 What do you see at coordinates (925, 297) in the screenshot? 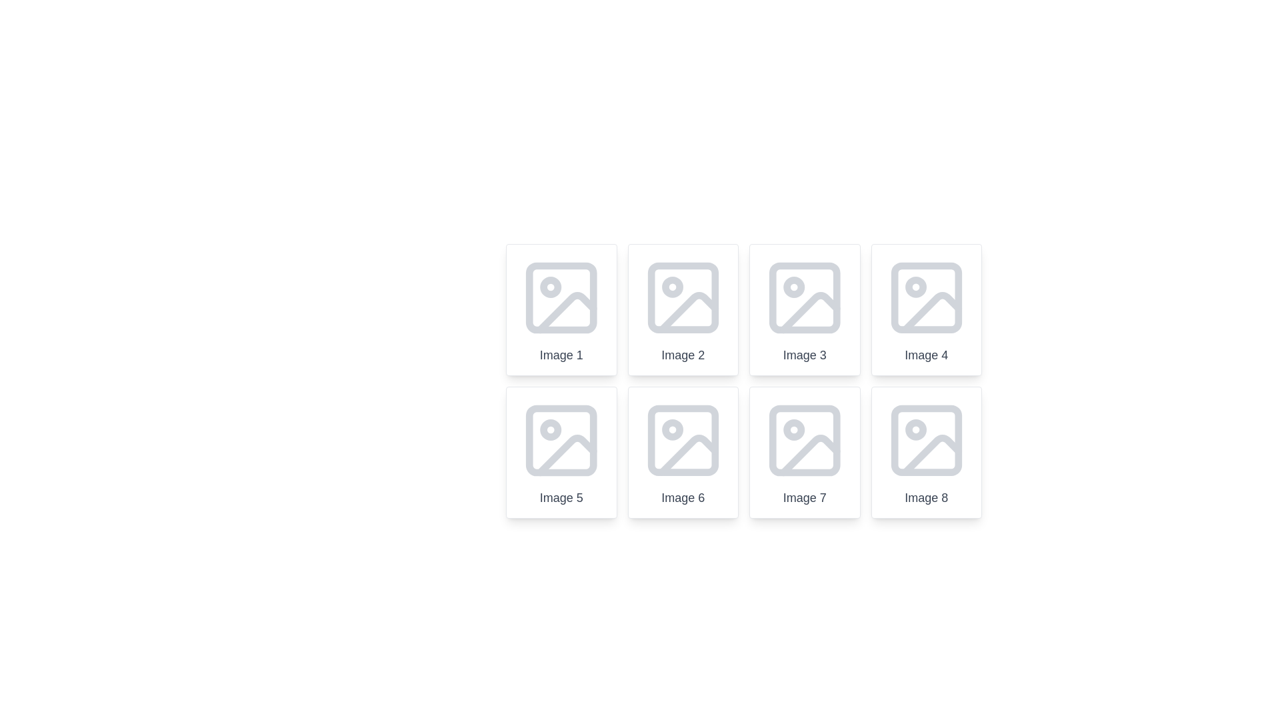
I see `the graphical decoration or framing rectangle within Image 4, which is positioned at the top-left corner of its bounding area in the grid layout` at bounding box center [925, 297].